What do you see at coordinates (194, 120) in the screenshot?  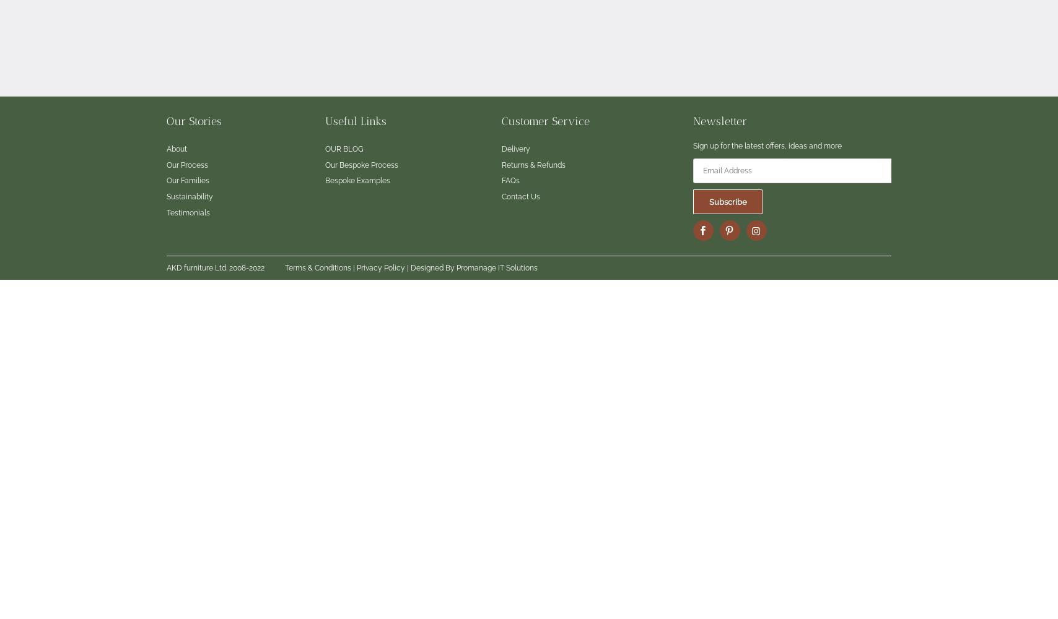 I see `'Our Stories'` at bounding box center [194, 120].